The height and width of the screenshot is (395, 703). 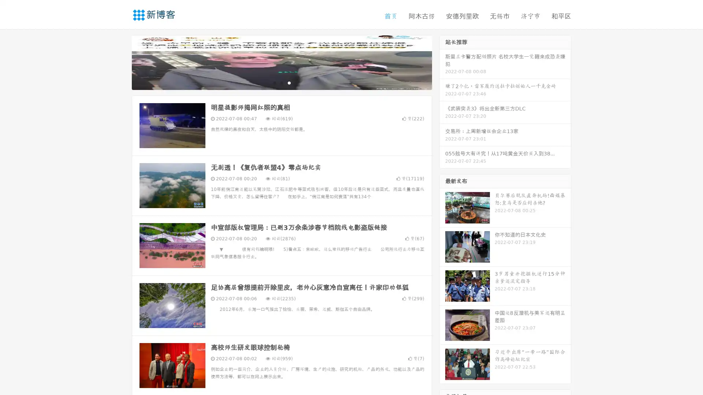 What do you see at coordinates (281, 82) in the screenshot?
I see `Go to slide 2` at bounding box center [281, 82].